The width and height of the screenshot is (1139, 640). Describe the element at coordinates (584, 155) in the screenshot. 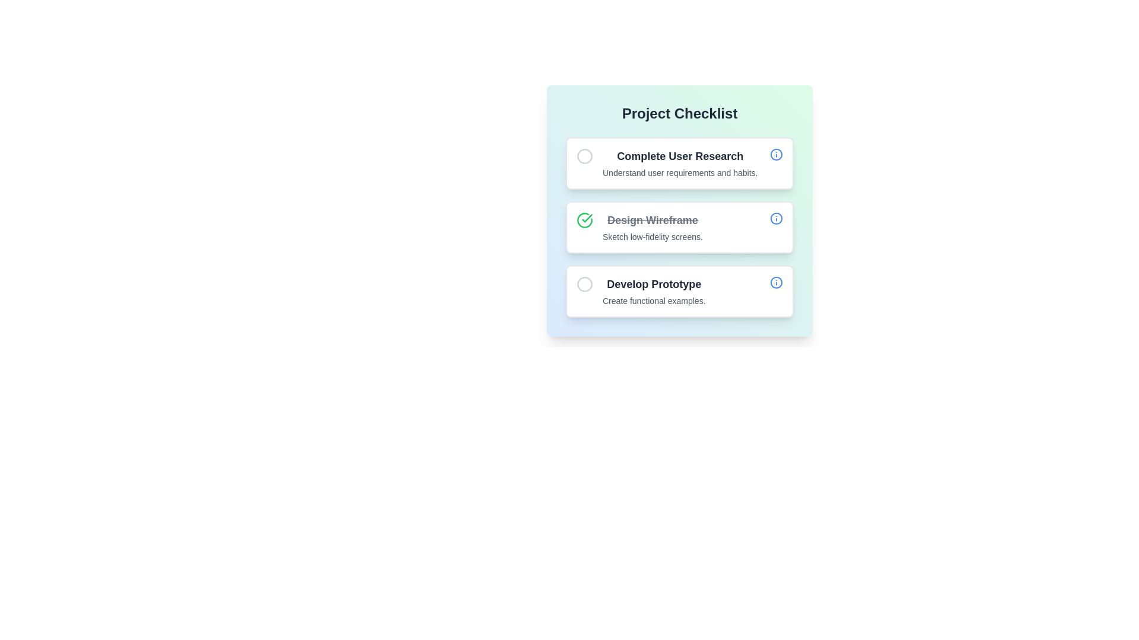

I see `the circular graphic element that serves as a status indicator for the first task in the checklist titled 'Complete User Research'` at that location.